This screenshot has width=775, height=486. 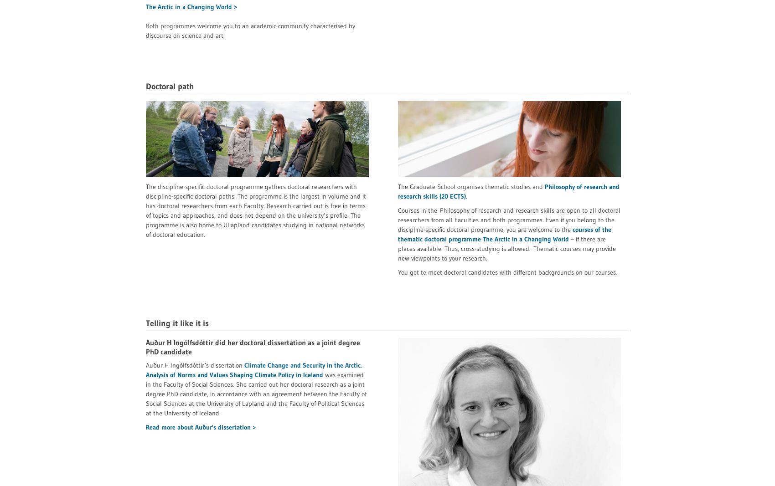 I want to click on 'Both programmes welcome you to an academic community characterised by discourse on science and art.', so click(x=250, y=30).